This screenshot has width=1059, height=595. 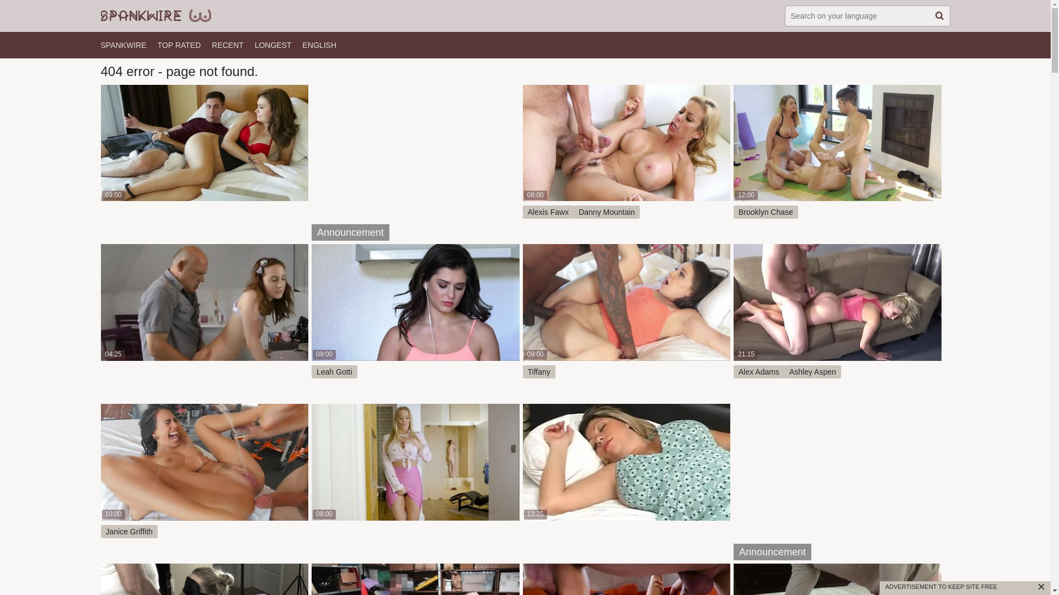 I want to click on 'Brooklyn Chase', so click(x=765, y=212).